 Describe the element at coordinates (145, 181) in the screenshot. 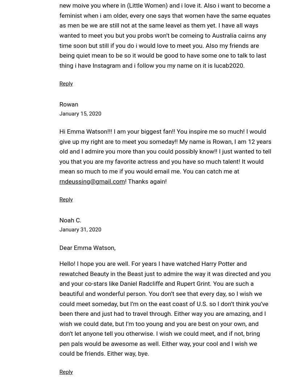

I see `'! Thanks again!'` at that location.